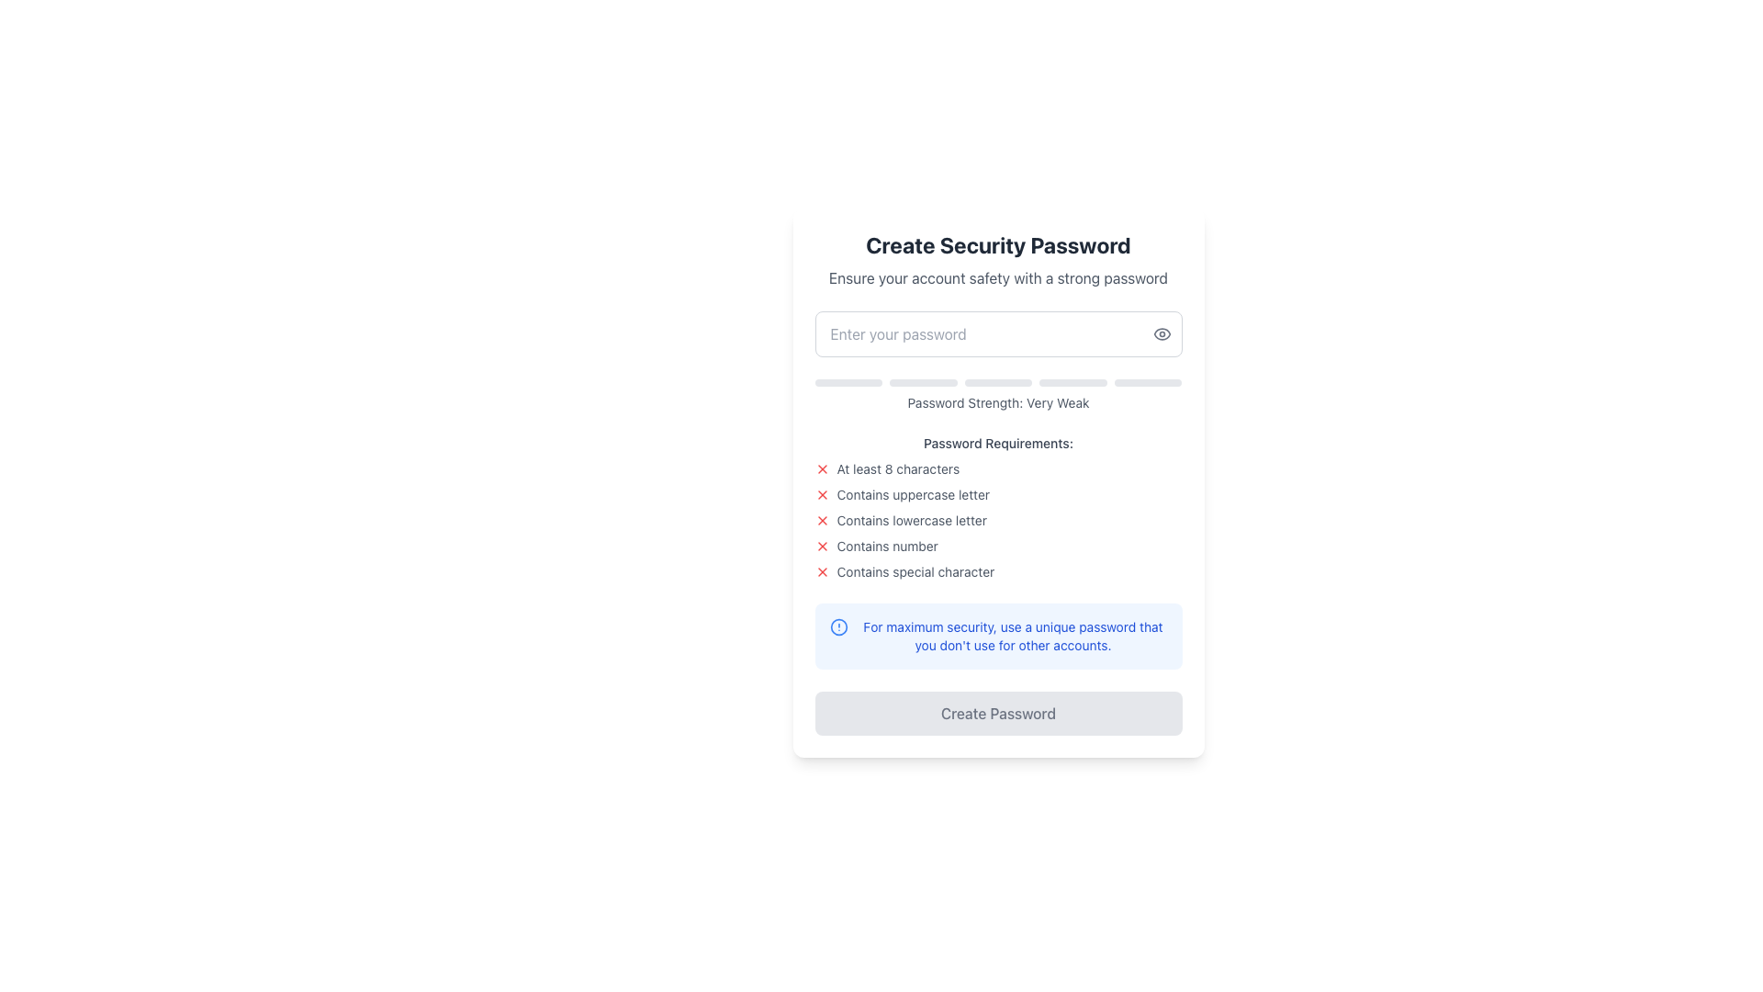 This screenshot has width=1763, height=992. Describe the element at coordinates (997, 636) in the screenshot. I see `the informational notification box with a blue background and rounded corners, which advises users to use a unique password, located near the bottom of the 'Create Security Password' dialog` at that location.